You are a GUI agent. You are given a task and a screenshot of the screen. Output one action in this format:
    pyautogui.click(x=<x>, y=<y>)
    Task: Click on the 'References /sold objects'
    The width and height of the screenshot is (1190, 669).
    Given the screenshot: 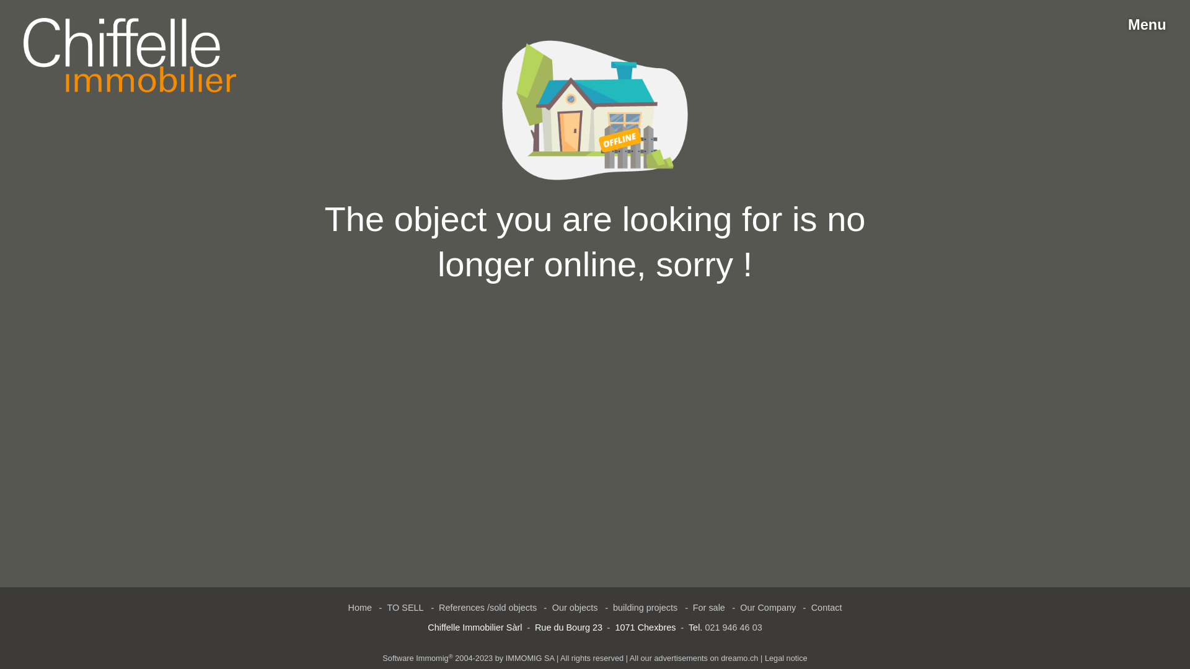 What is the action you would take?
    pyautogui.click(x=487, y=607)
    